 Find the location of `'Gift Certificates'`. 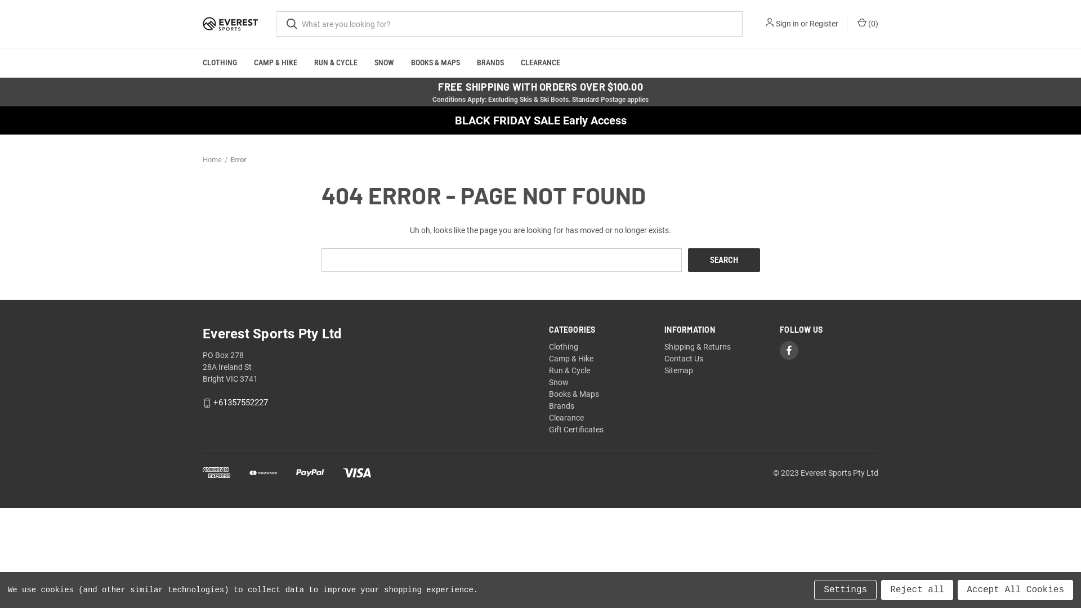

'Gift Certificates' is located at coordinates (576, 430).